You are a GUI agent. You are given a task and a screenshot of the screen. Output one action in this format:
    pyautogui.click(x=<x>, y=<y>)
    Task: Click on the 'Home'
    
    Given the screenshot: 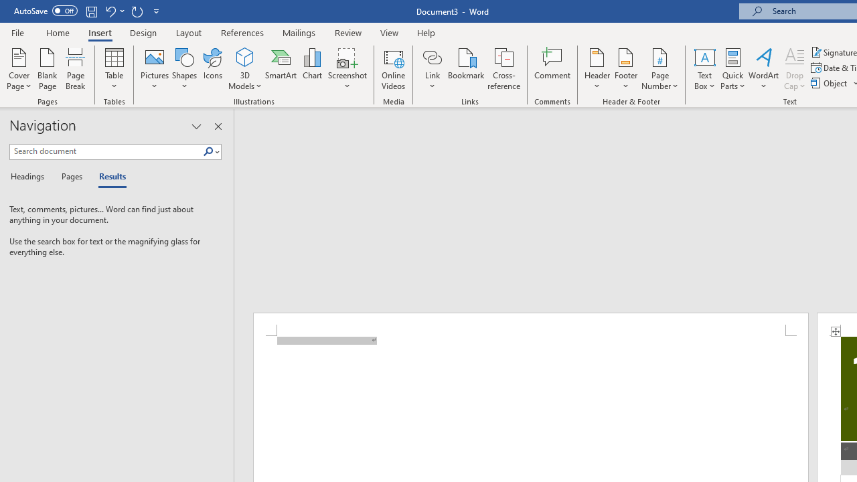 What is the action you would take?
    pyautogui.click(x=57, y=32)
    